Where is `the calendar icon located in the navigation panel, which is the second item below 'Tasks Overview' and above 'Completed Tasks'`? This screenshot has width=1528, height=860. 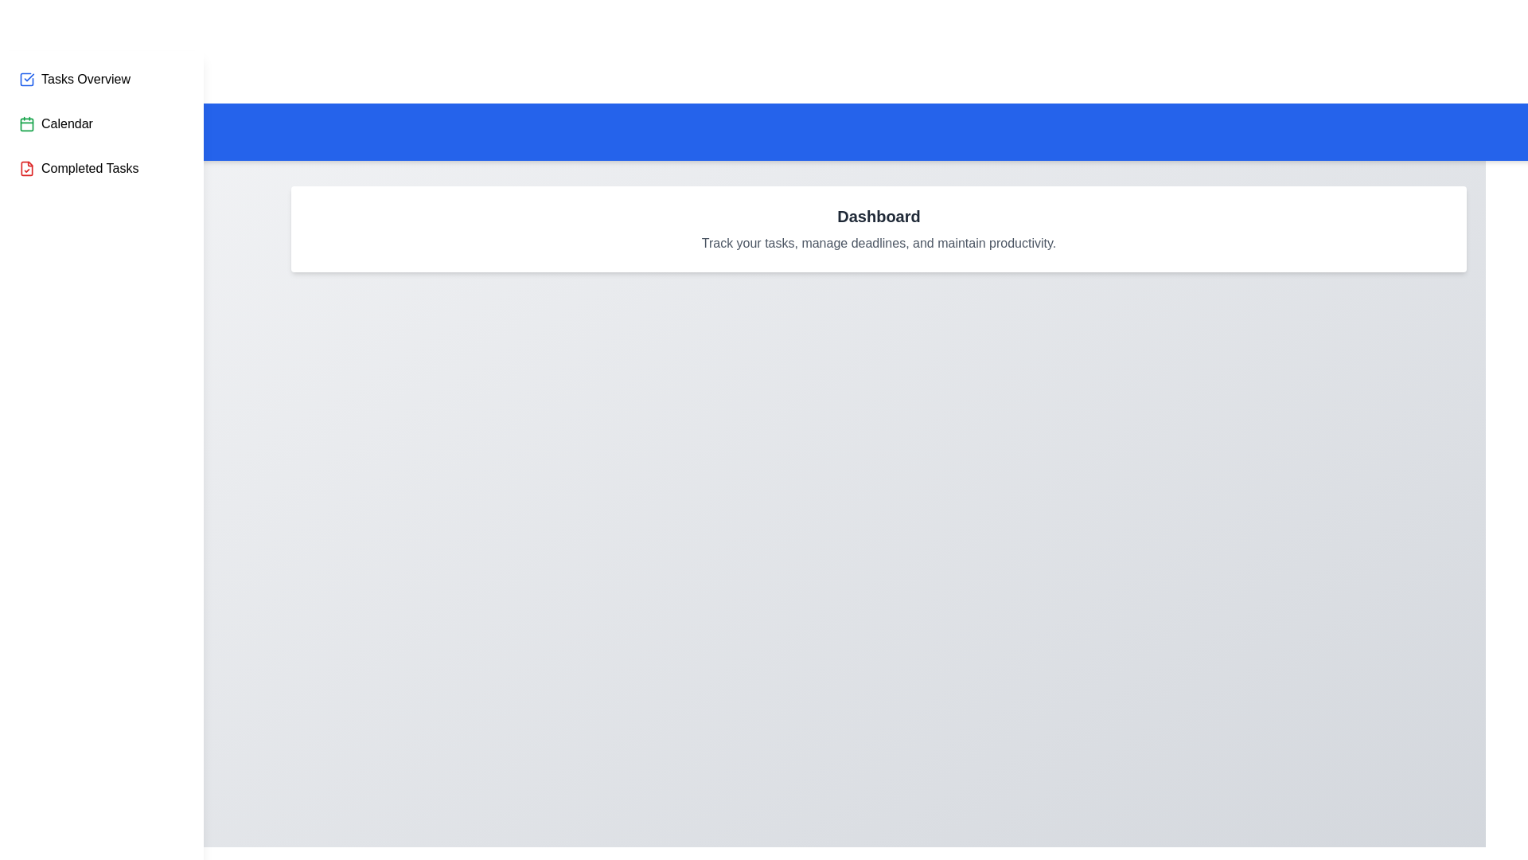
the calendar icon located in the navigation panel, which is the second item below 'Tasks Overview' and above 'Completed Tasks' is located at coordinates (26, 123).